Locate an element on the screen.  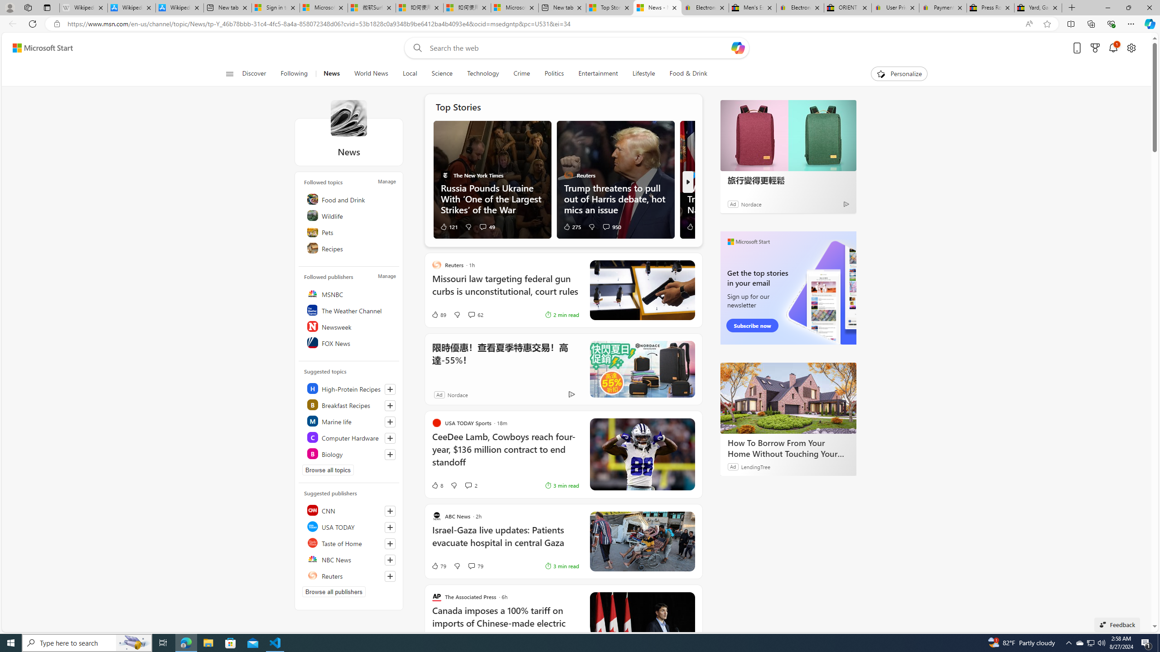
'View comments 950 Comment' is located at coordinates (606, 226).